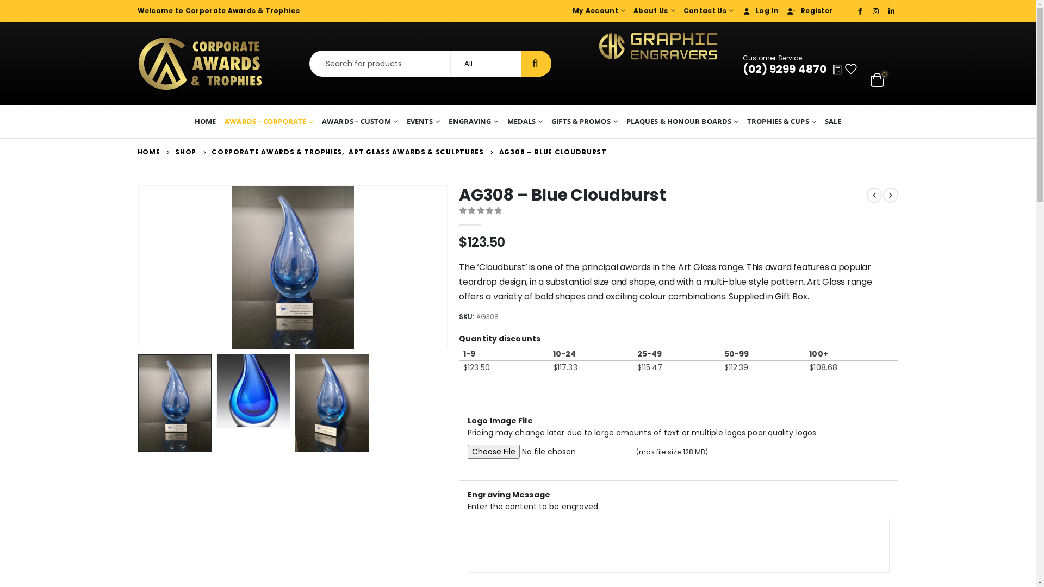 The image size is (1044, 587). What do you see at coordinates (349, 152) in the screenshot?
I see `'ART GLASS AWARDS & SCULPTURES'` at bounding box center [349, 152].